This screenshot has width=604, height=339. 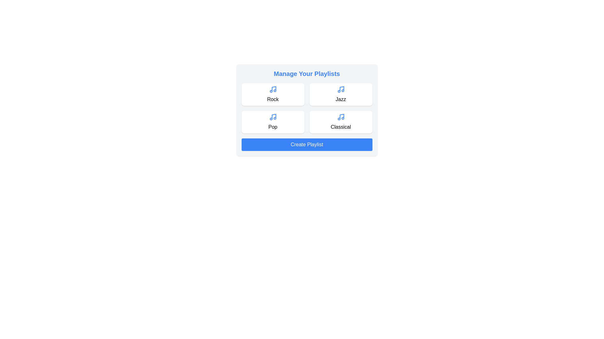 I want to click on the playlist card labeled Rock, so click(x=273, y=94).